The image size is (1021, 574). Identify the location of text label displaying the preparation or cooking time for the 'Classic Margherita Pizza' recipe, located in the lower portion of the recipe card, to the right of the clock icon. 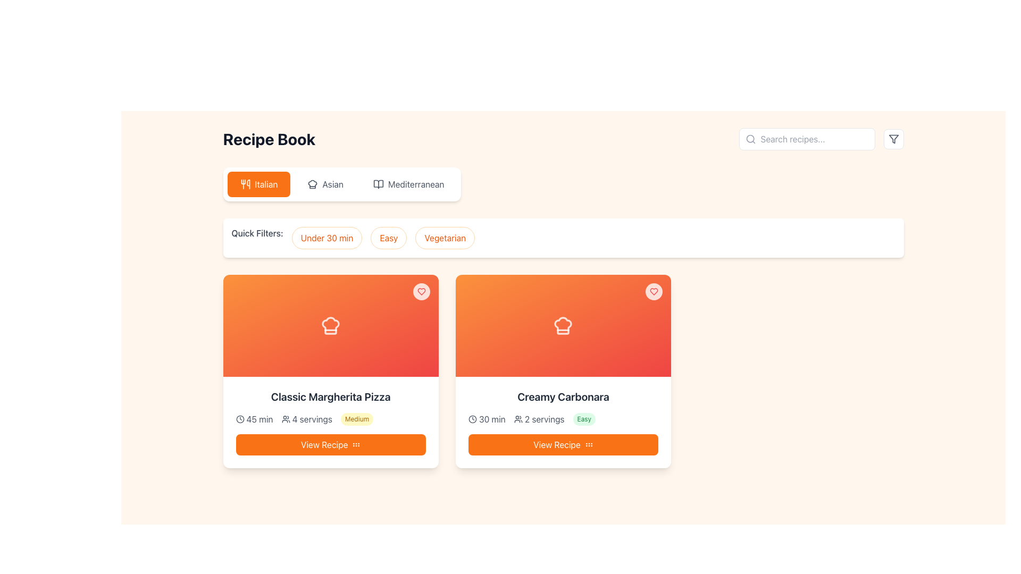
(260, 419).